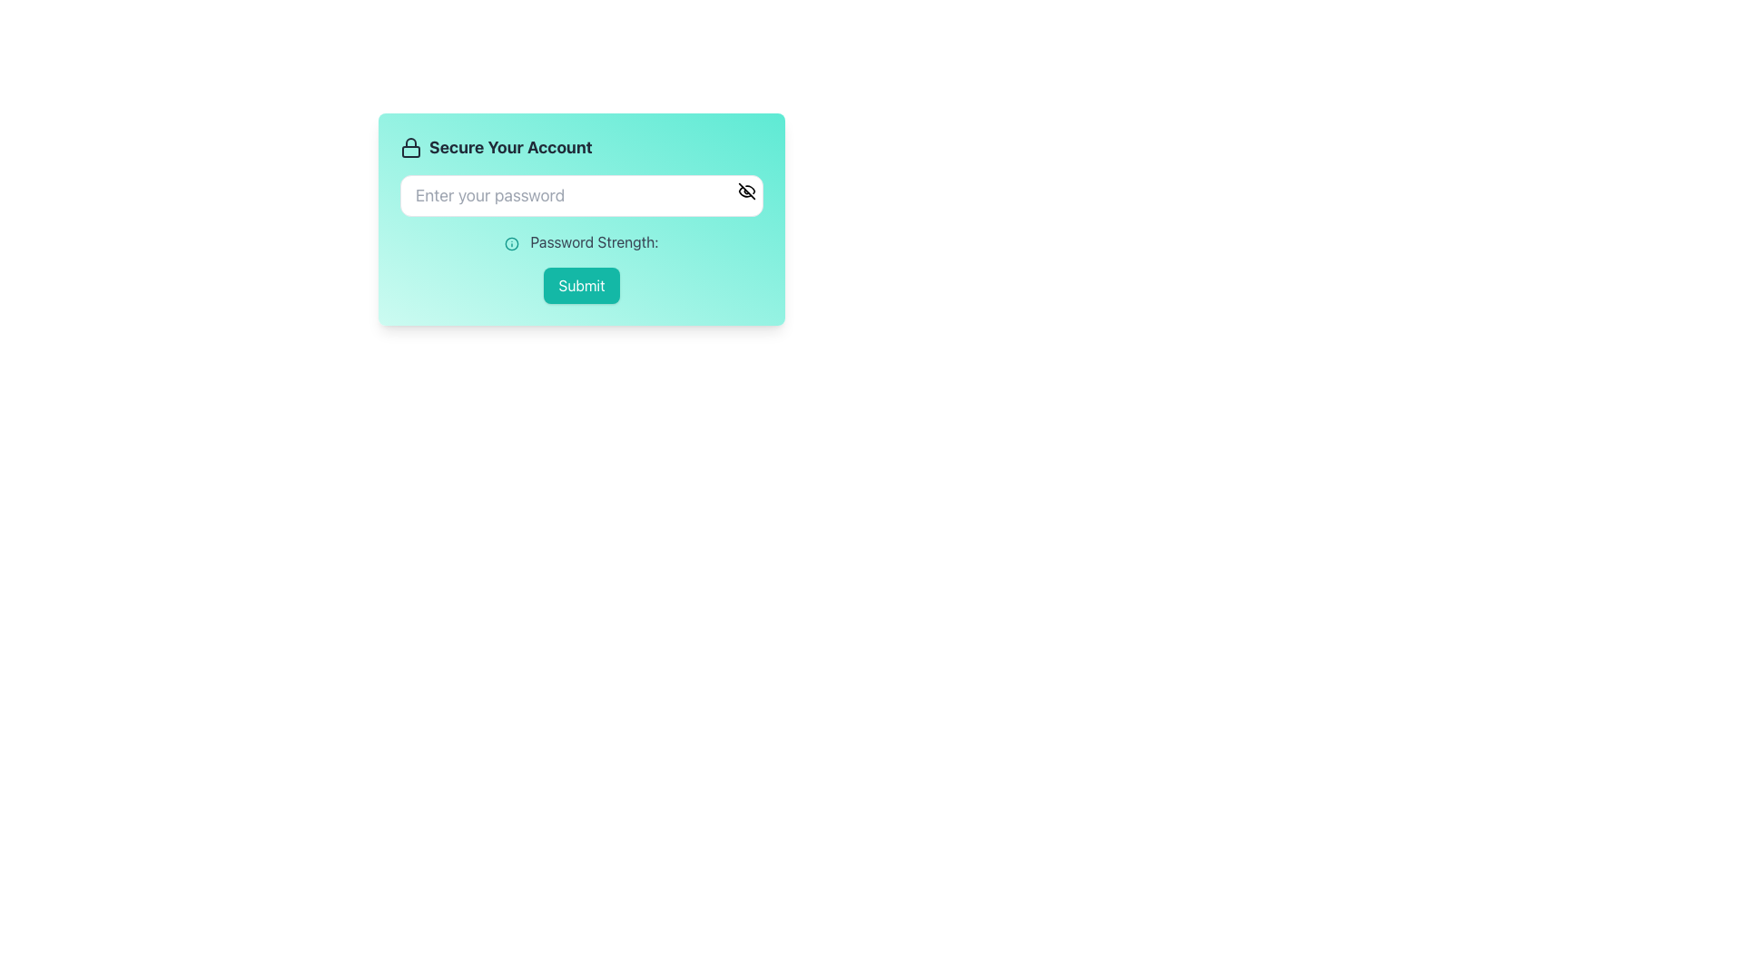 The image size is (1743, 980). What do you see at coordinates (409, 151) in the screenshot?
I see `the visual representation of the padlock icon's rectangular main body located next to the text 'Secure Your Account'` at bounding box center [409, 151].